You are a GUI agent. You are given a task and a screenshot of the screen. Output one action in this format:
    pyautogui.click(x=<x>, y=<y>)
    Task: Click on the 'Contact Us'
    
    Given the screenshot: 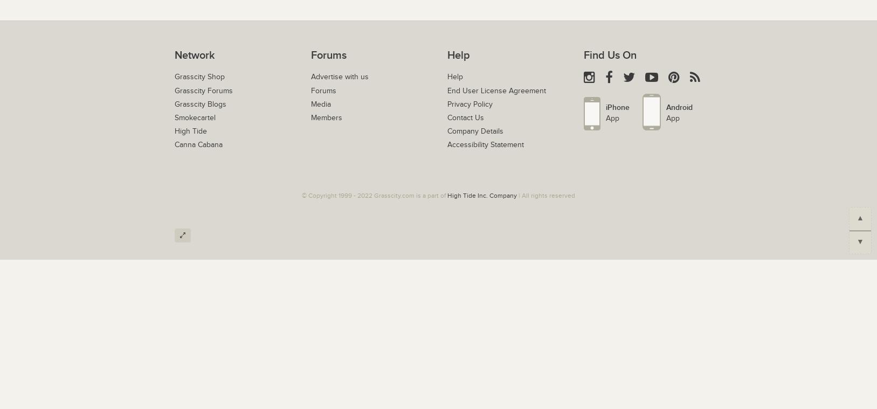 What is the action you would take?
    pyautogui.click(x=446, y=117)
    